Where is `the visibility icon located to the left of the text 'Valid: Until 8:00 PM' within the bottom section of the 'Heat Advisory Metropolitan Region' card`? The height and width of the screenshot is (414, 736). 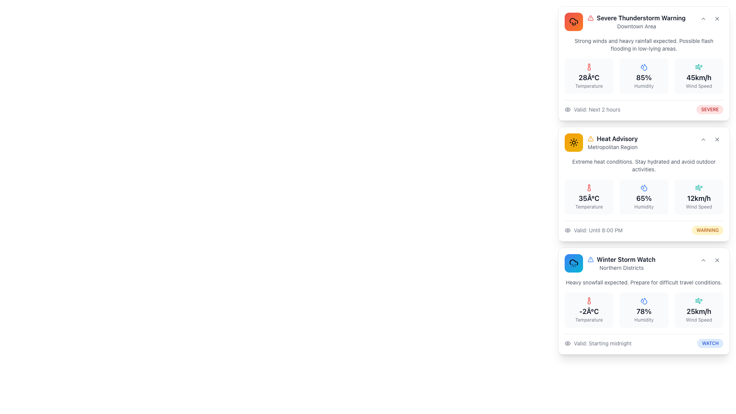 the visibility icon located to the left of the text 'Valid: Until 8:00 PM' within the bottom section of the 'Heat Advisory Metropolitan Region' card is located at coordinates (568, 230).